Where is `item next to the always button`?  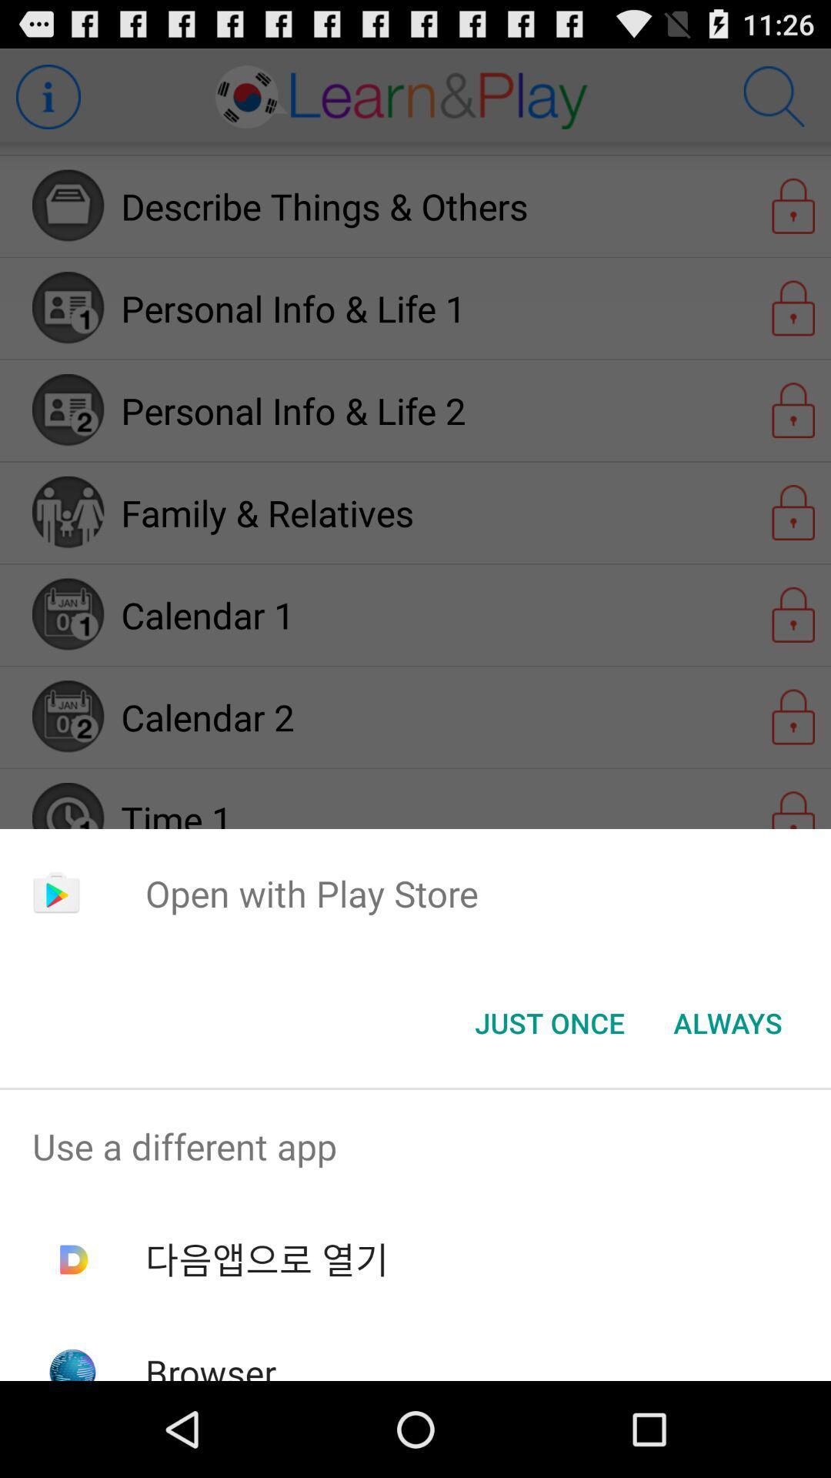
item next to the always button is located at coordinates (549, 1023).